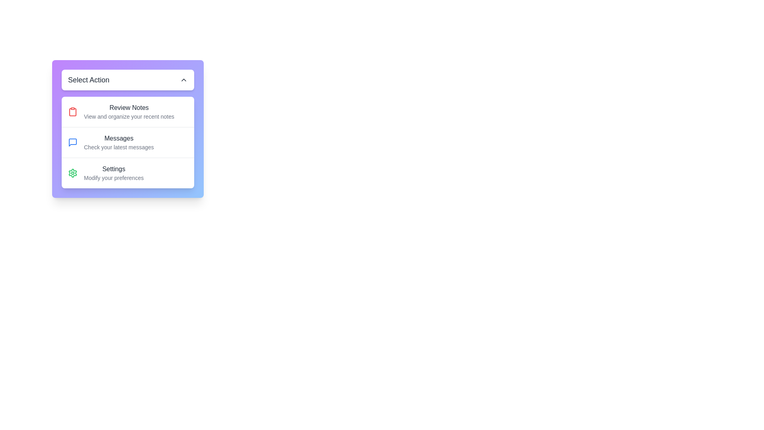 Image resolution: width=764 pixels, height=430 pixels. What do you see at coordinates (128, 142) in the screenshot?
I see `the 'Messages' menu item in the vertical options menu` at bounding box center [128, 142].